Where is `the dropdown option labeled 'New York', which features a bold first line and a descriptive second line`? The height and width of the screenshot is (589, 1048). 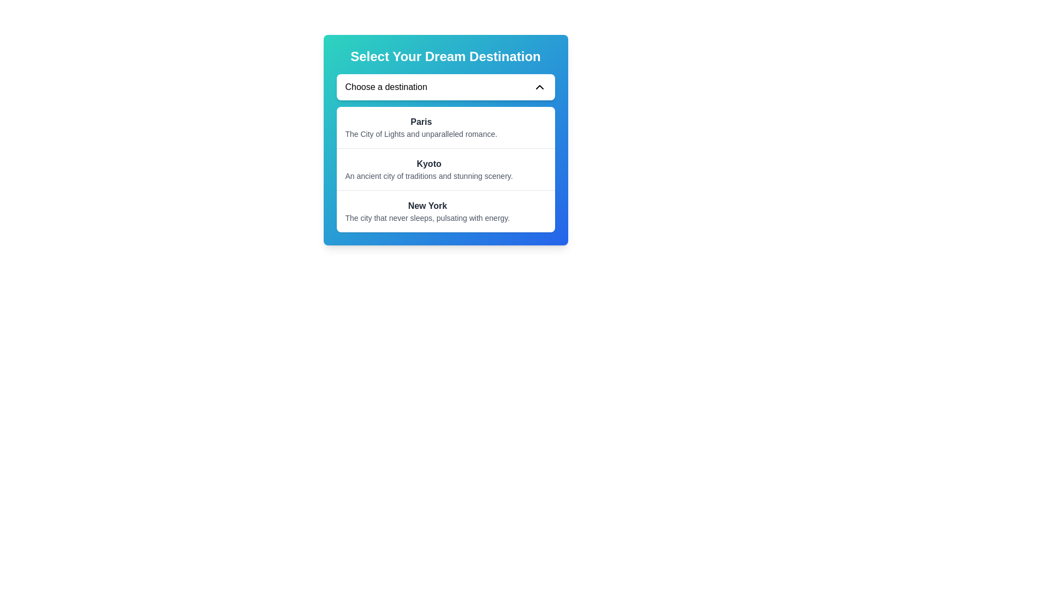 the dropdown option labeled 'New York', which features a bold first line and a descriptive second line is located at coordinates (427, 212).